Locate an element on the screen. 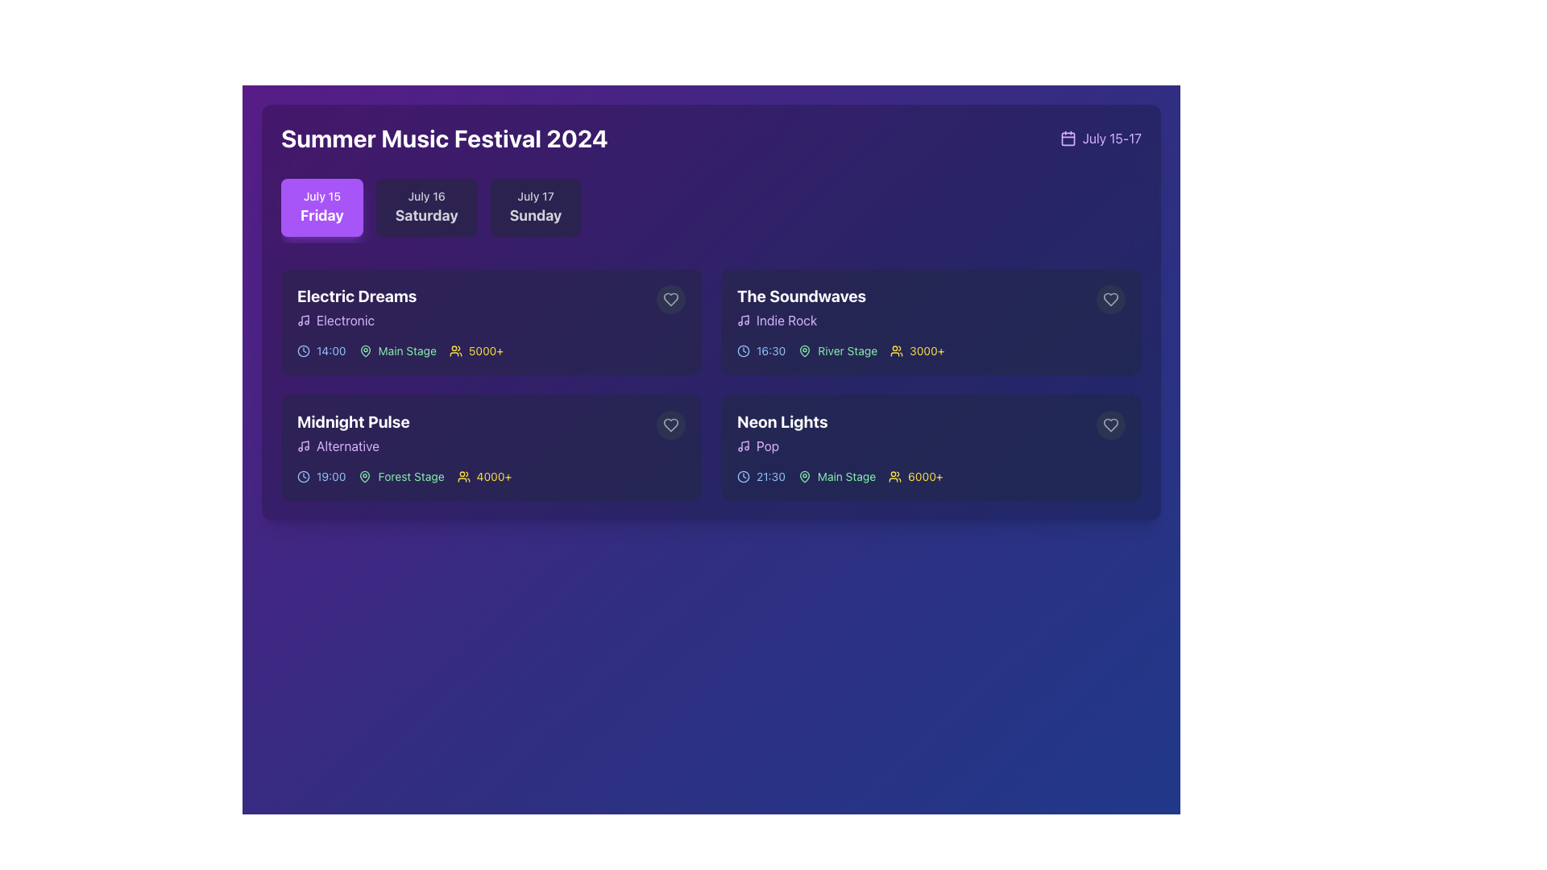 The height and width of the screenshot is (870, 1547). graphic details of the purple music note icon located to the left of the word 'Pop' in the 'Neon Lights' event card in the bottom-right panel is located at coordinates (742, 446).